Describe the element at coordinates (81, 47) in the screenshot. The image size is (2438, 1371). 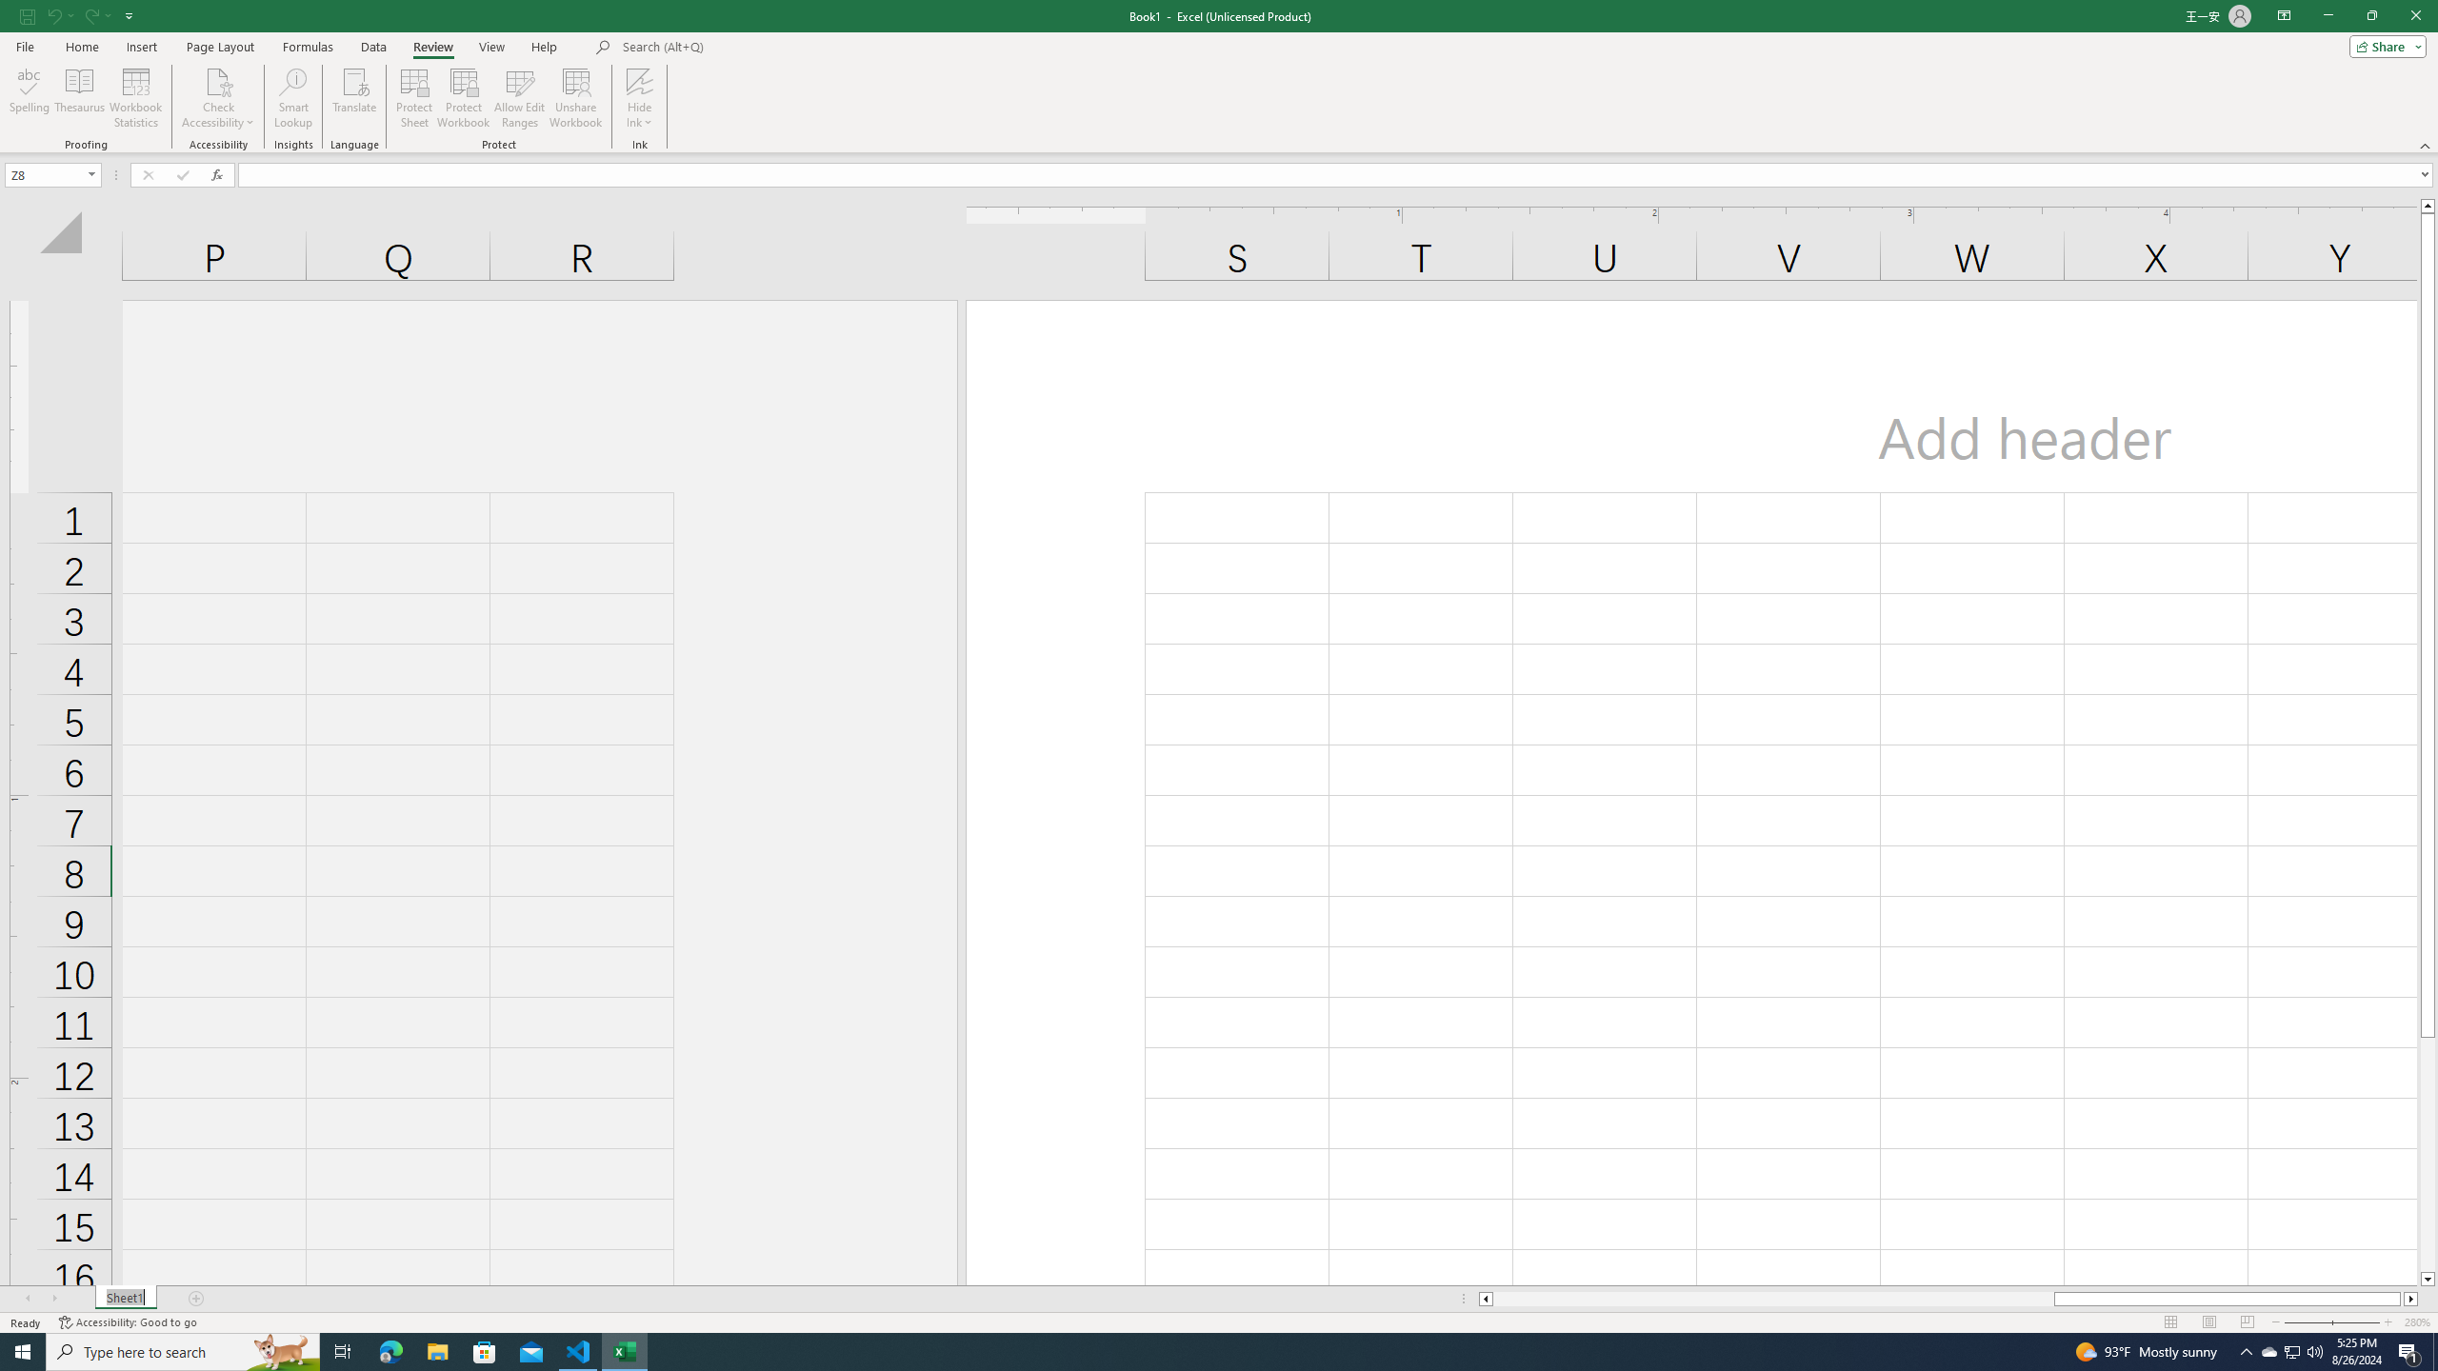
I see `'Home'` at that location.